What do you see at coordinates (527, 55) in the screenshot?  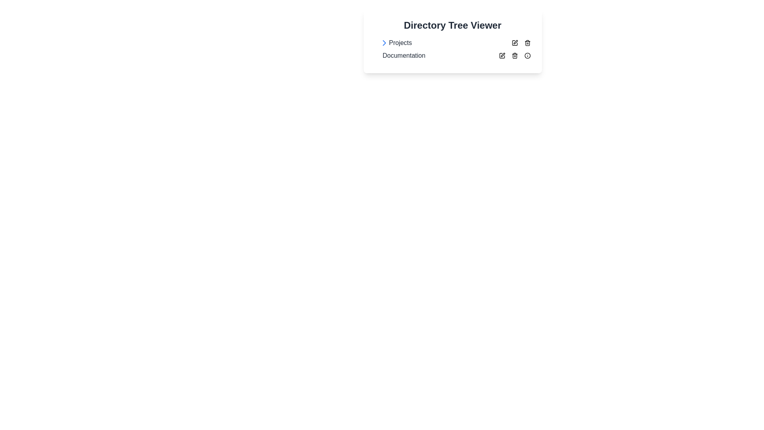 I see `the informational icon at the top-right section of the 'Directory Tree Viewer'` at bounding box center [527, 55].